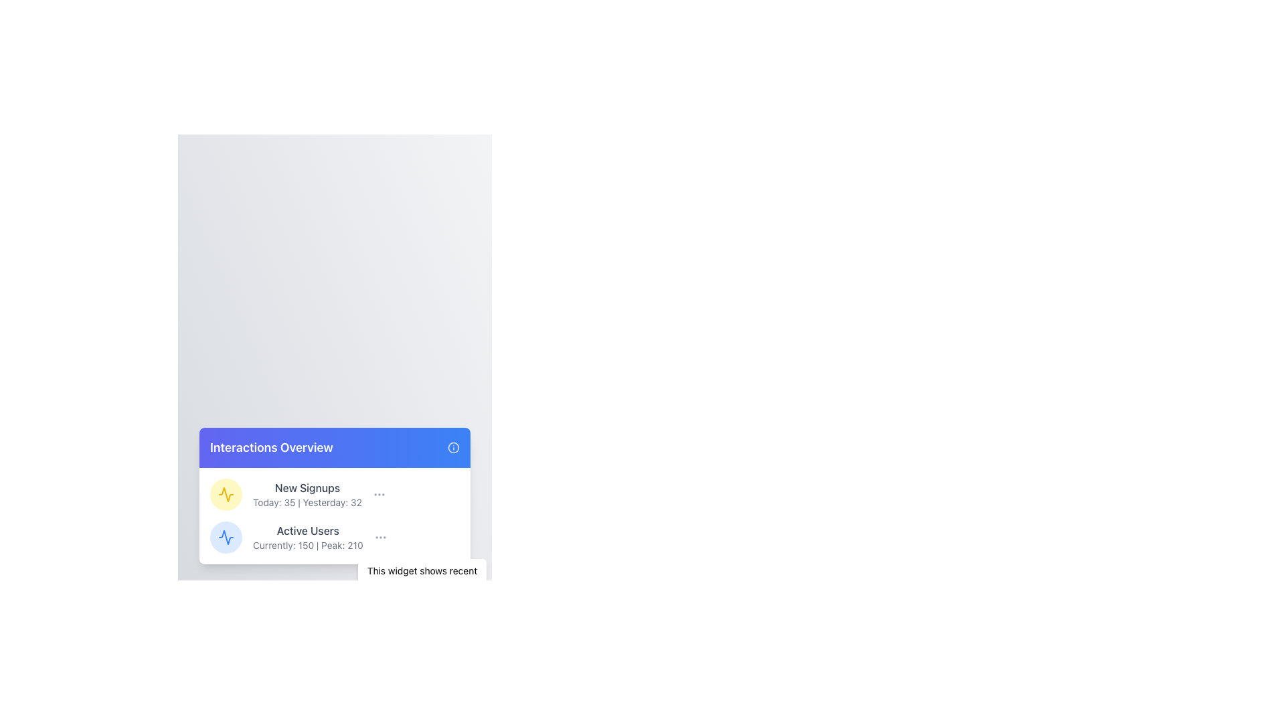  What do you see at coordinates (226, 495) in the screenshot?
I see `the circular yellow icon with a heartbeat wave symbol located on the left side of the 'New Signups' card in the 'Interactions Overview' widget` at bounding box center [226, 495].